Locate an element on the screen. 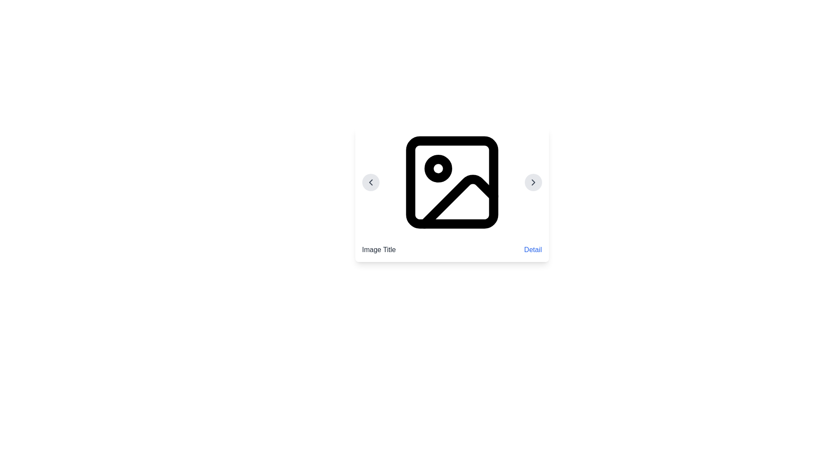  the text link labeled 'Detail' is located at coordinates (533, 250).